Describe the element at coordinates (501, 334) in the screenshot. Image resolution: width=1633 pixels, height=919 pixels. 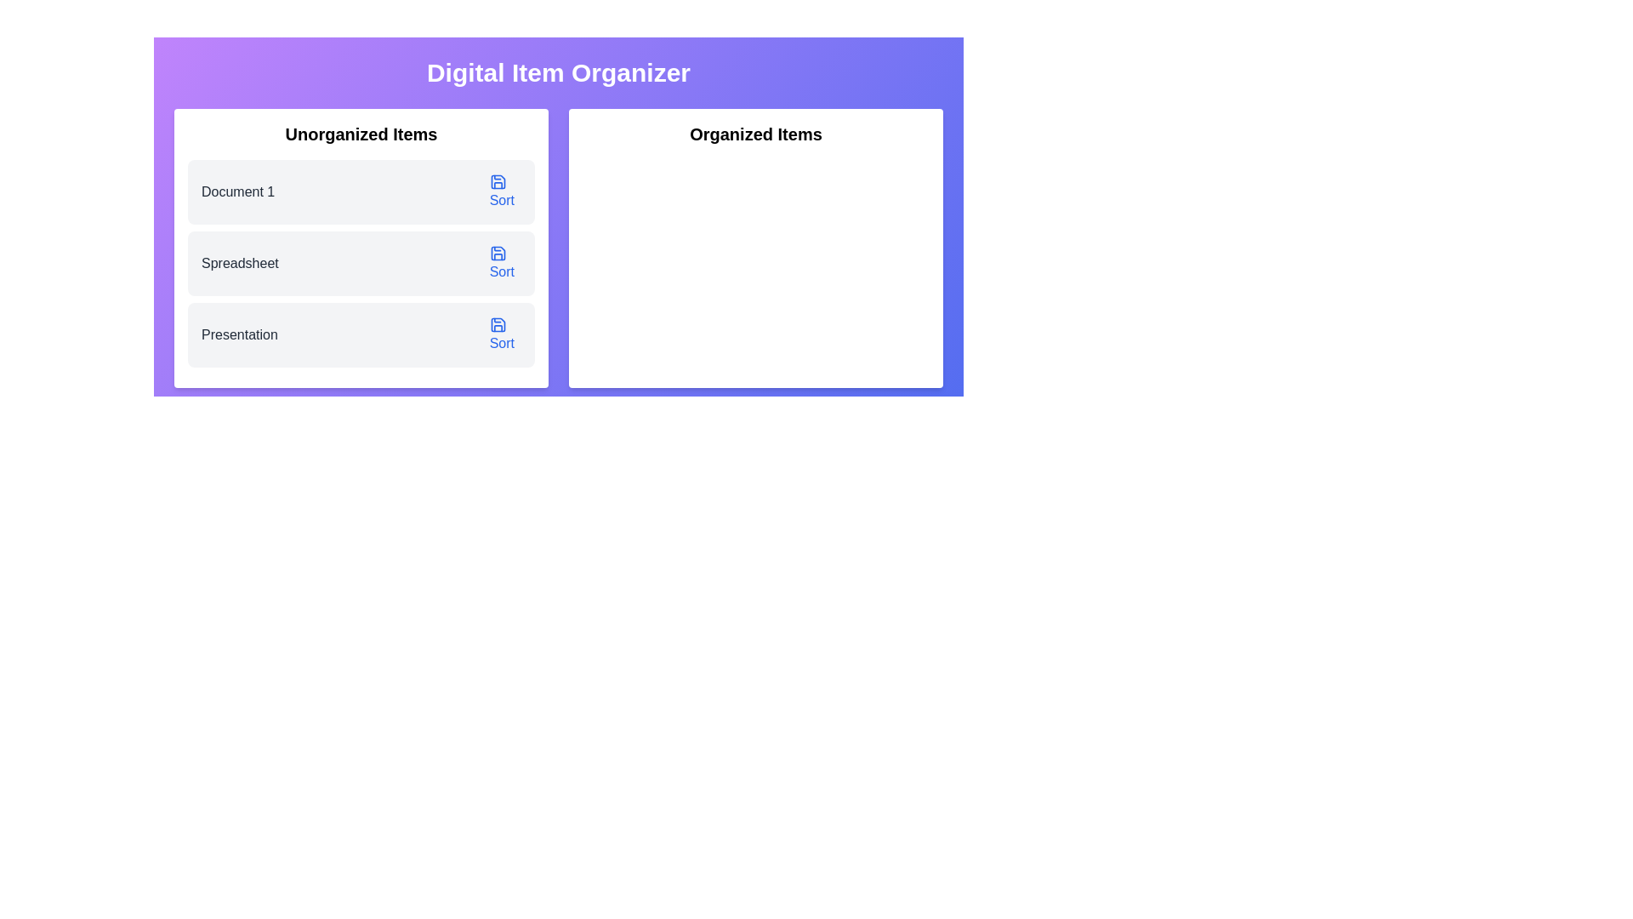
I see `the circular blue button labeled 'Sort' with a document icon, located in the 'Unorganized Items' section under 'Presentation'` at that location.